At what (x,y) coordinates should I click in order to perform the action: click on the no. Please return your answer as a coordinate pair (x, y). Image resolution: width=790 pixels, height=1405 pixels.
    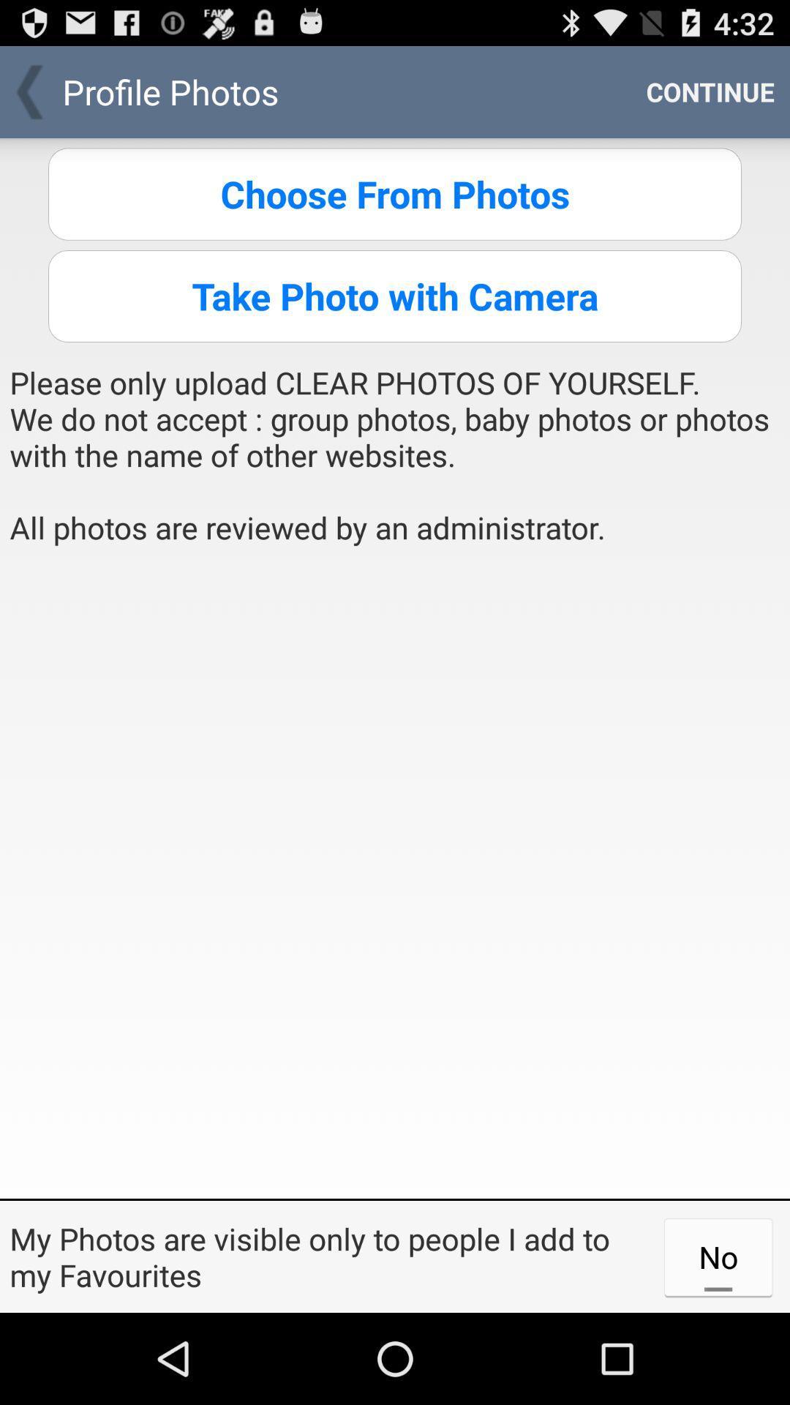
    Looking at the image, I should click on (718, 1256).